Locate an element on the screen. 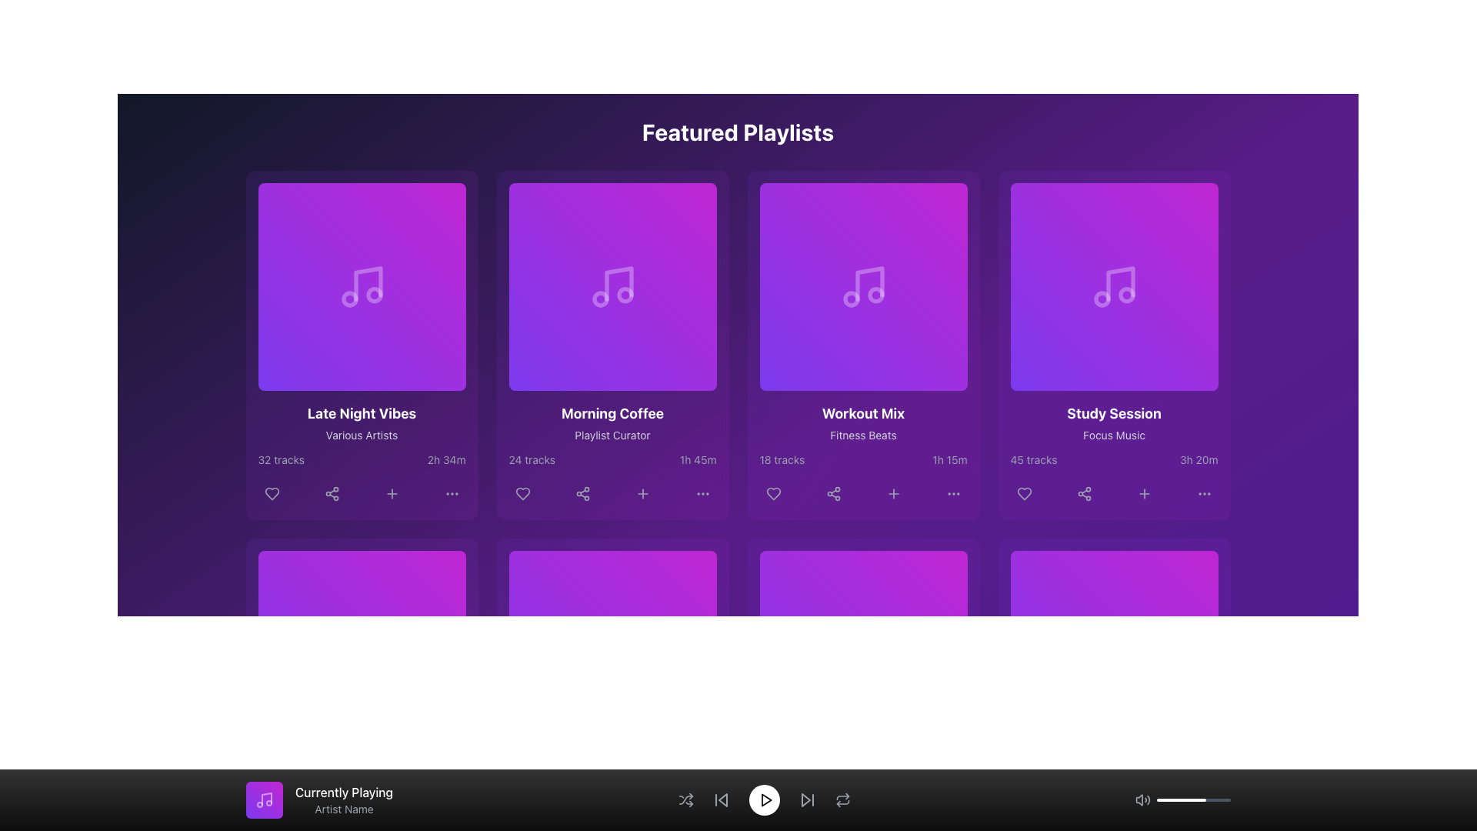  the static text display that shows the name or role of the playlist curator for the playlist titled 'Morning Coffee'. This element is located directly below the playlist title within the playlist card is located at coordinates (612, 436).